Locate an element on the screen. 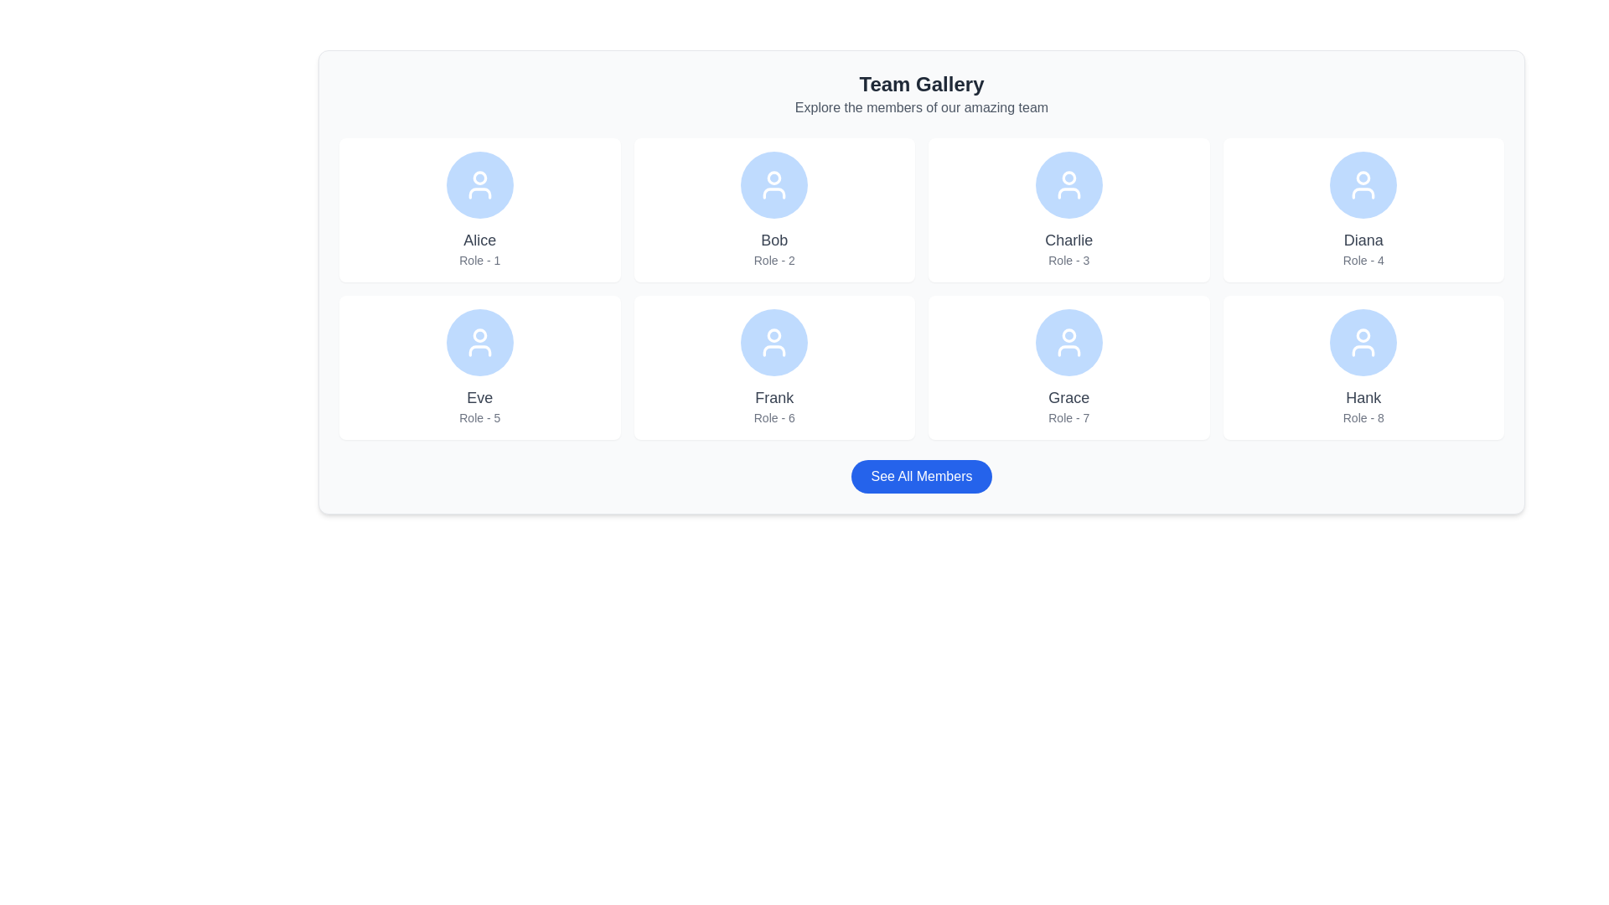 The image size is (1609, 905). the text label displaying the name 'Frank' located in the middle column of the bottom row of a grid layout, positioned above the label 'Role - 6' and below the profile icon is located at coordinates (773, 397).